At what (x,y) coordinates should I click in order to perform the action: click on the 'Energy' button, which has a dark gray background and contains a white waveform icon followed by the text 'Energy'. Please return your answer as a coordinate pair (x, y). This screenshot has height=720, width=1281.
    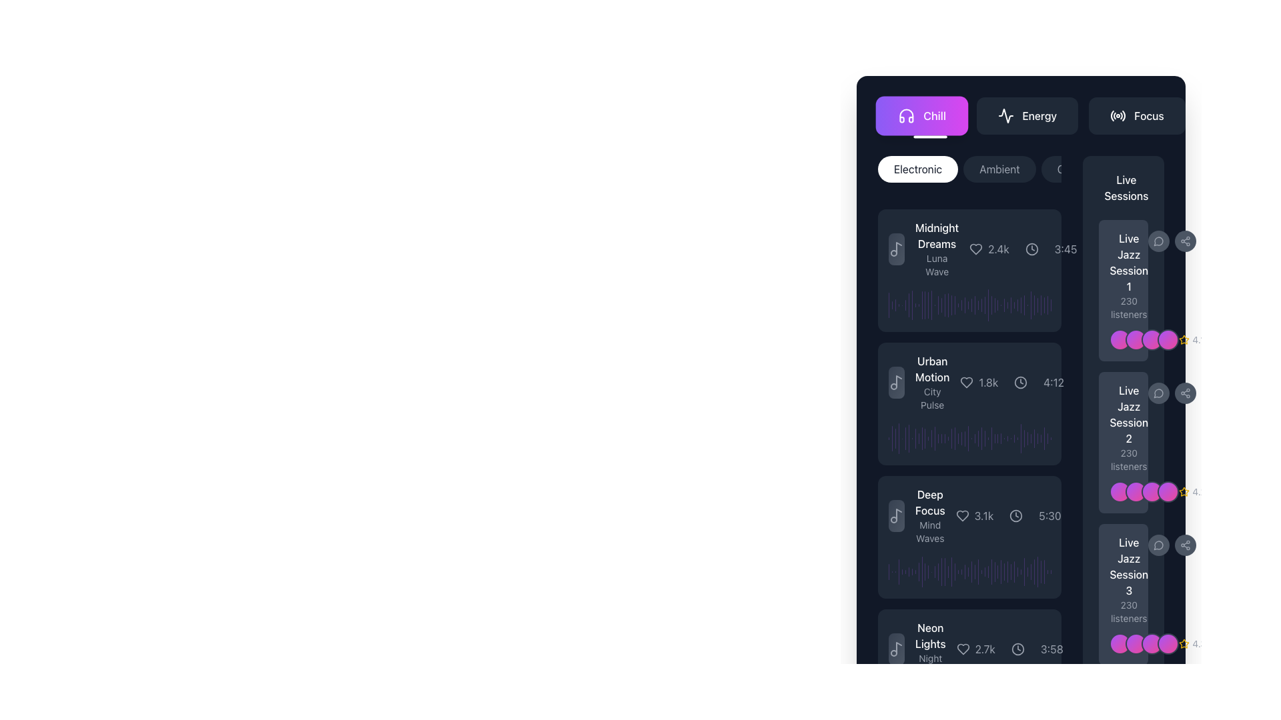
    Looking at the image, I should click on (1027, 115).